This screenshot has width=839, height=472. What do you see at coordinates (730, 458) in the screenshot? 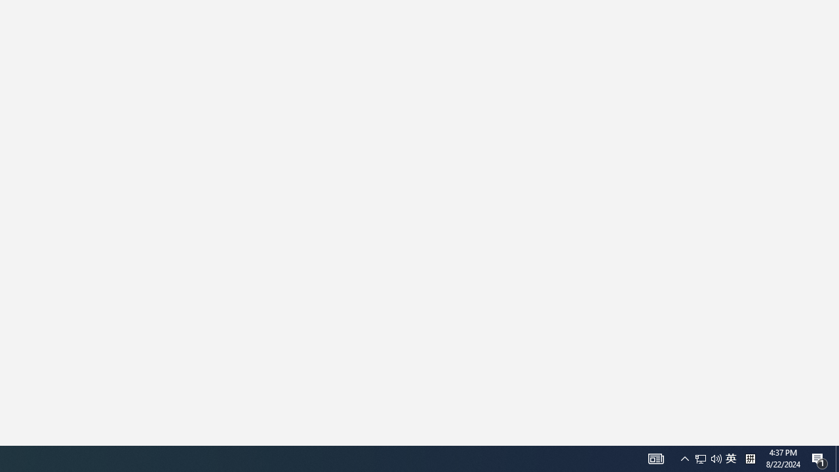
I see `'Q2790: 100%'` at bounding box center [730, 458].